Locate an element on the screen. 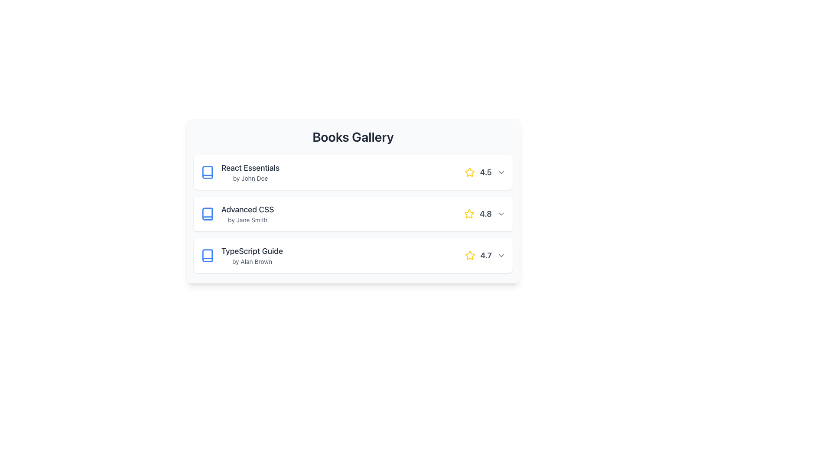 The height and width of the screenshot is (468, 832). the rating icon located in the first row of the list below 'Books Gallery', which visually represents a rating of '4.5' is located at coordinates (469, 172).